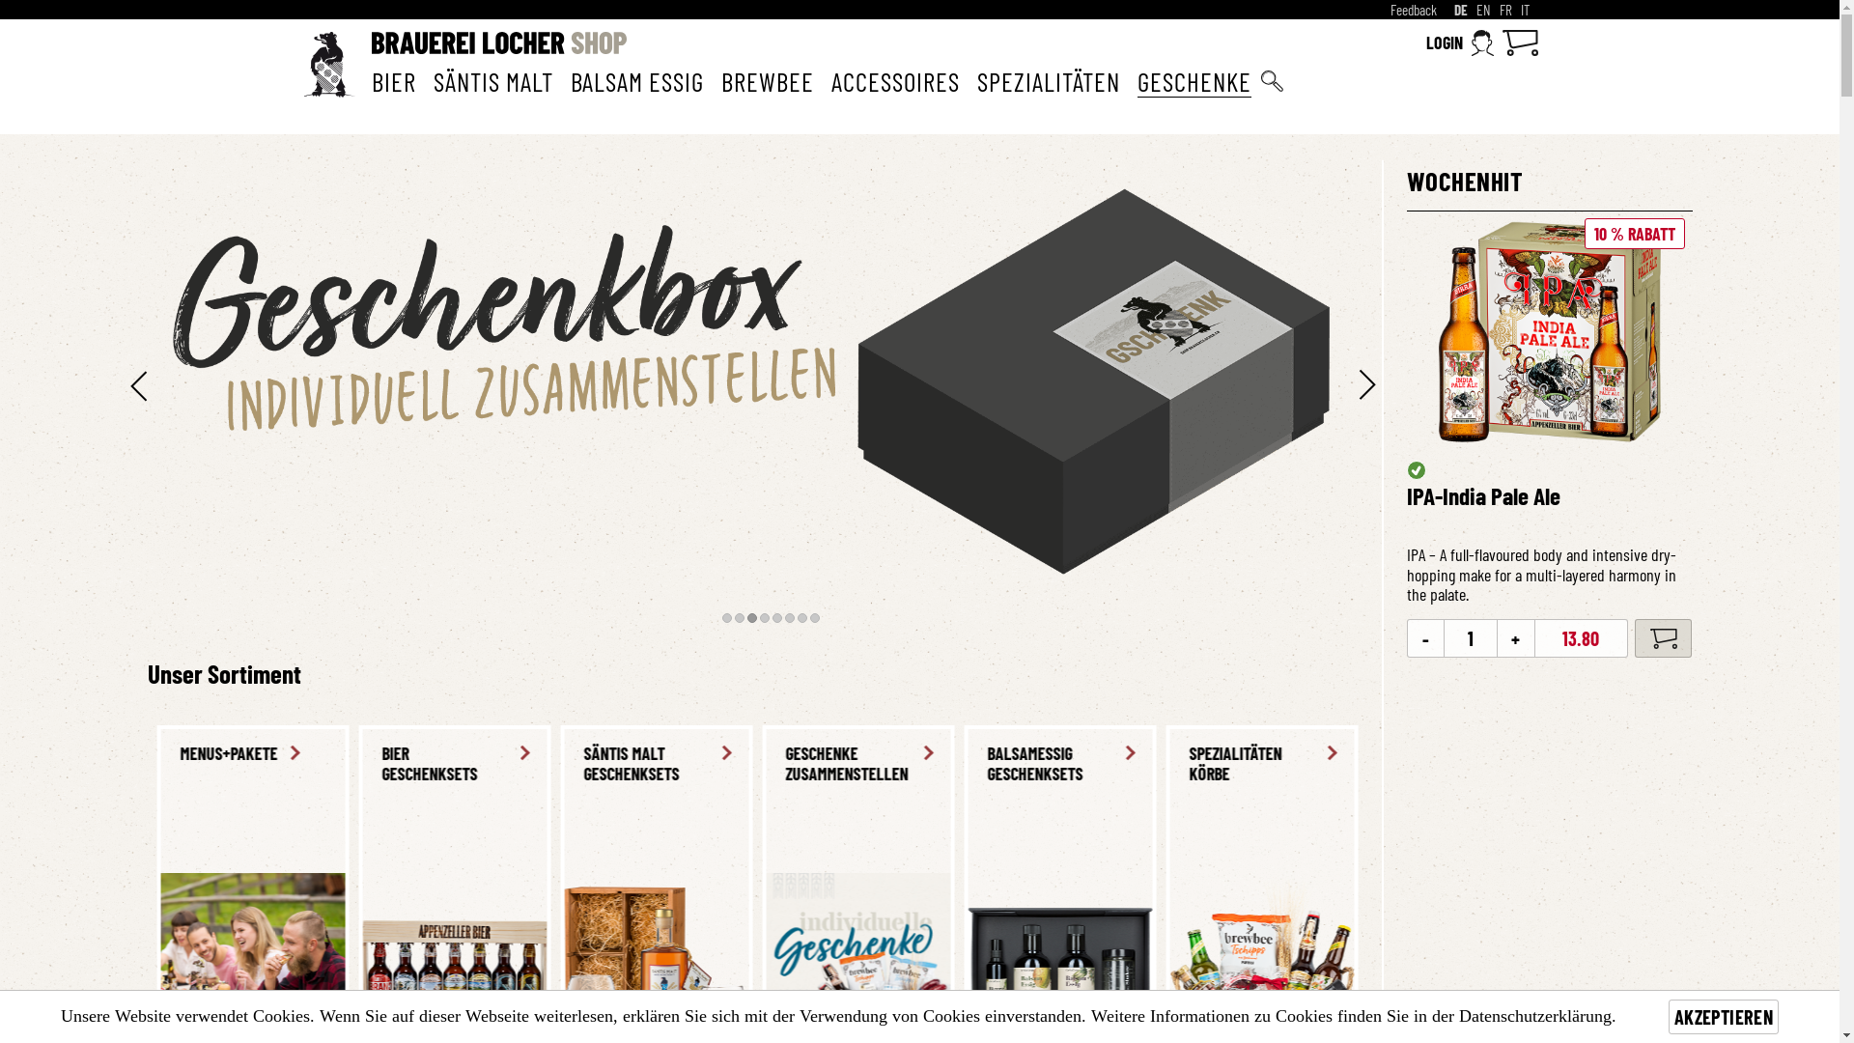  Describe the element at coordinates (1425, 637) in the screenshot. I see `'-'` at that location.